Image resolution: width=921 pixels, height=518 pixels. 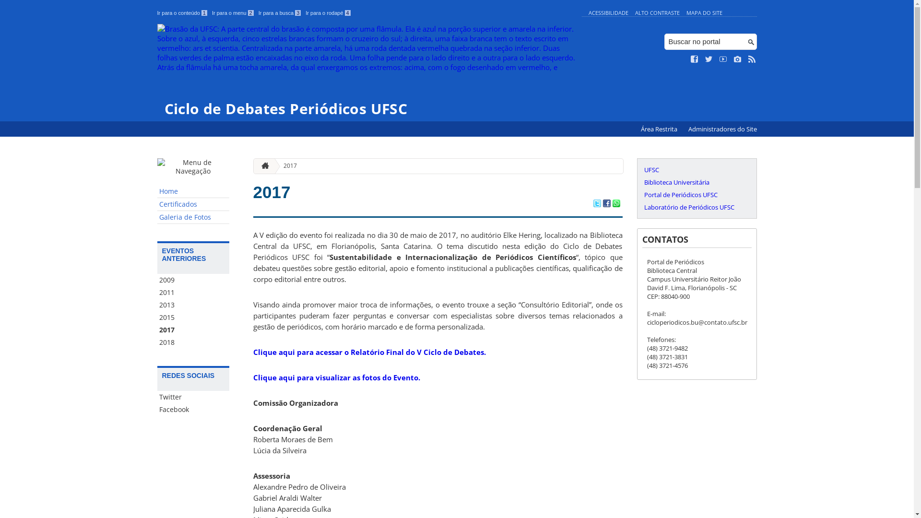 What do you see at coordinates (642, 169) in the screenshot?
I see `'UFSC'` at bounding box center [642, 169].